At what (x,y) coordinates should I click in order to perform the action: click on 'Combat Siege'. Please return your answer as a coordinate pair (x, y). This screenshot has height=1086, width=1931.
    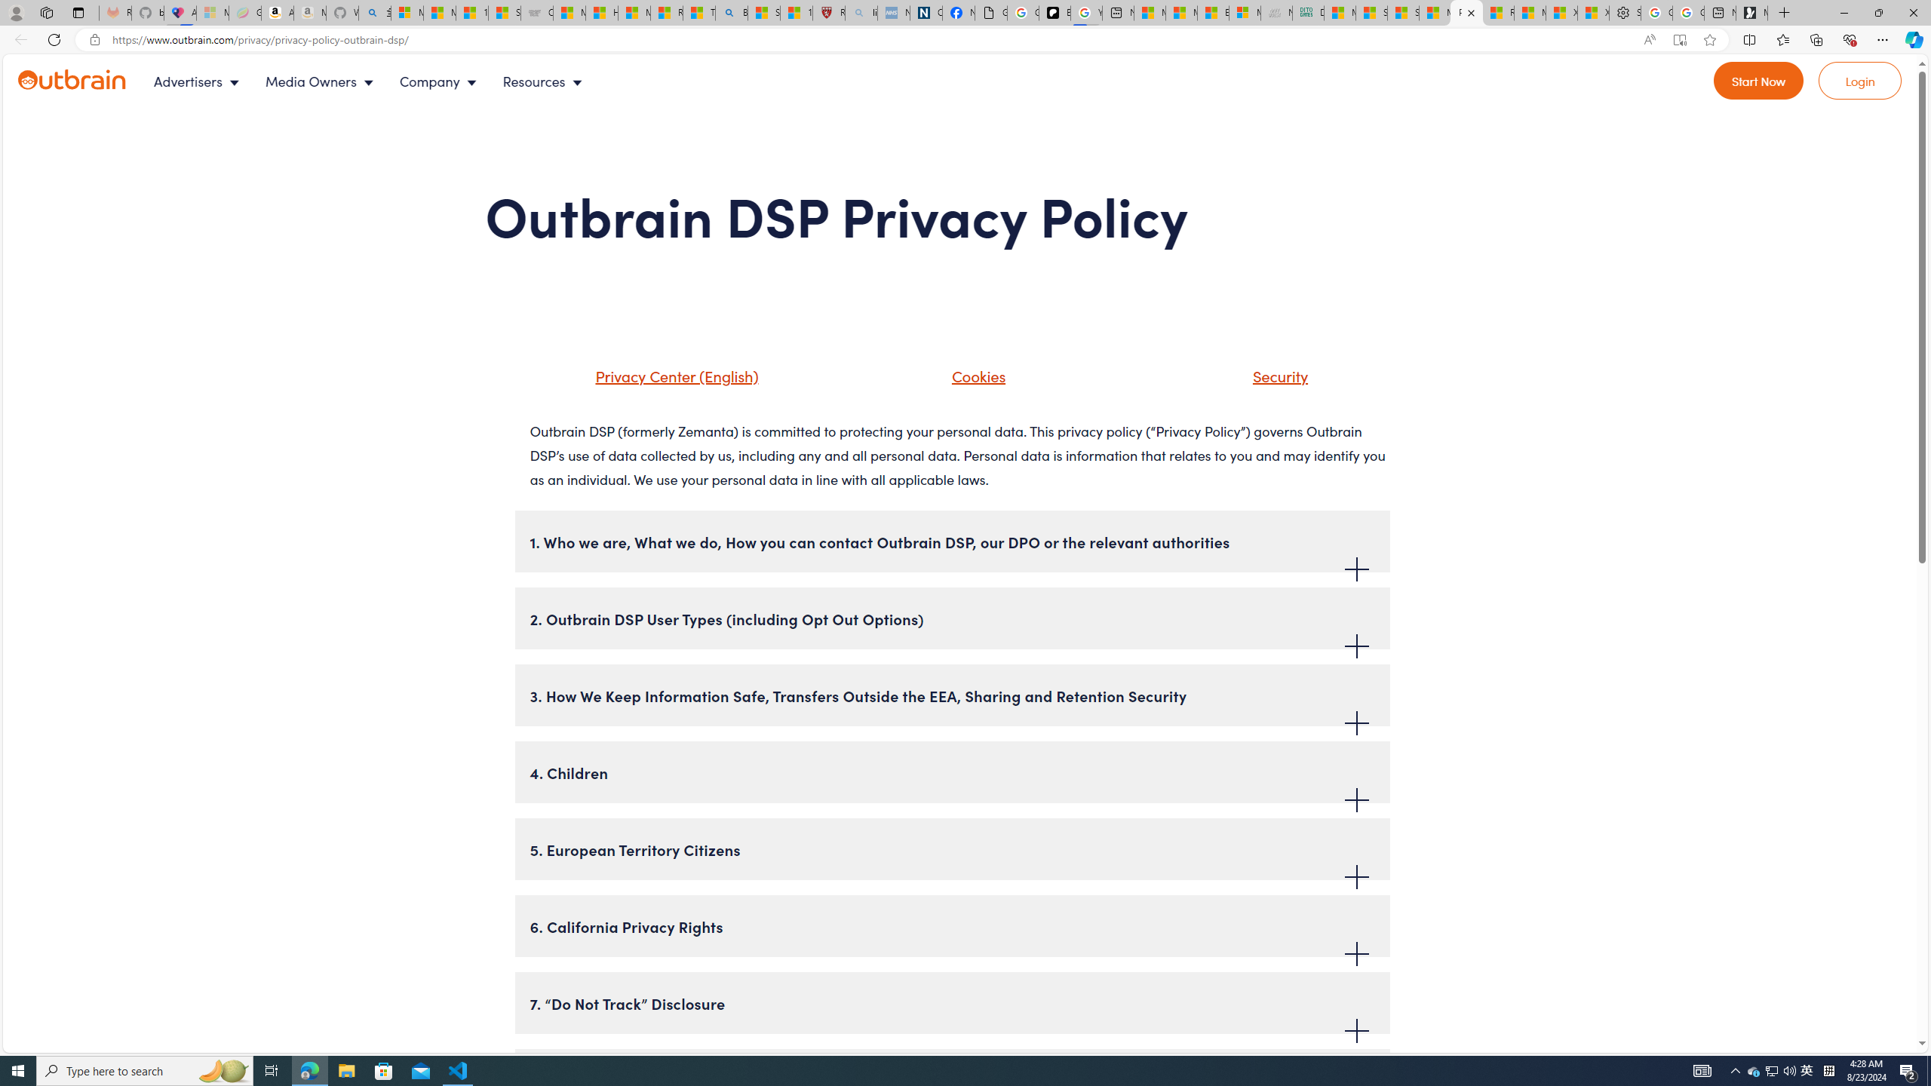
    Looking at the image, I should click on (536, 12).